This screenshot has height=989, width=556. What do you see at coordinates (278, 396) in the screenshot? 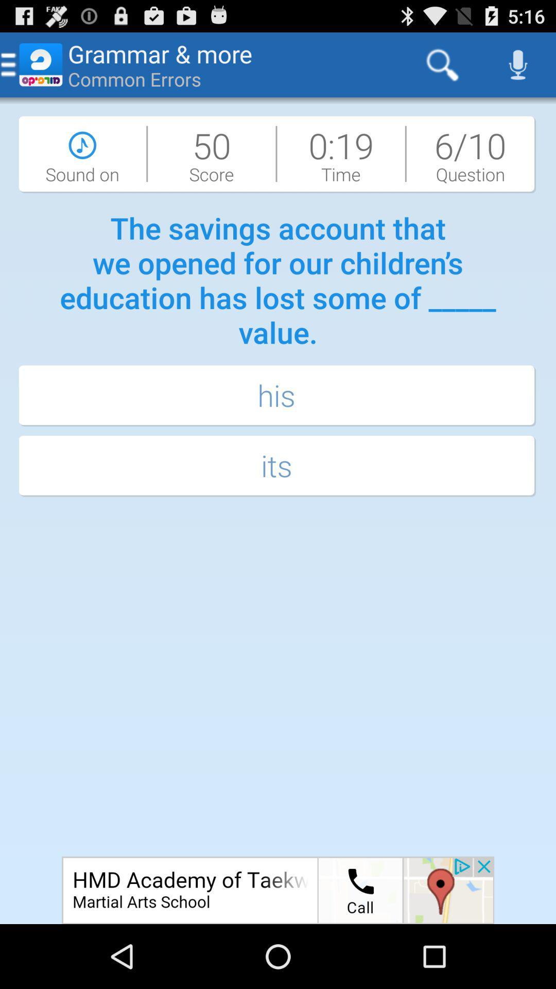
I see `item above its` at bounding box center [278, 396].